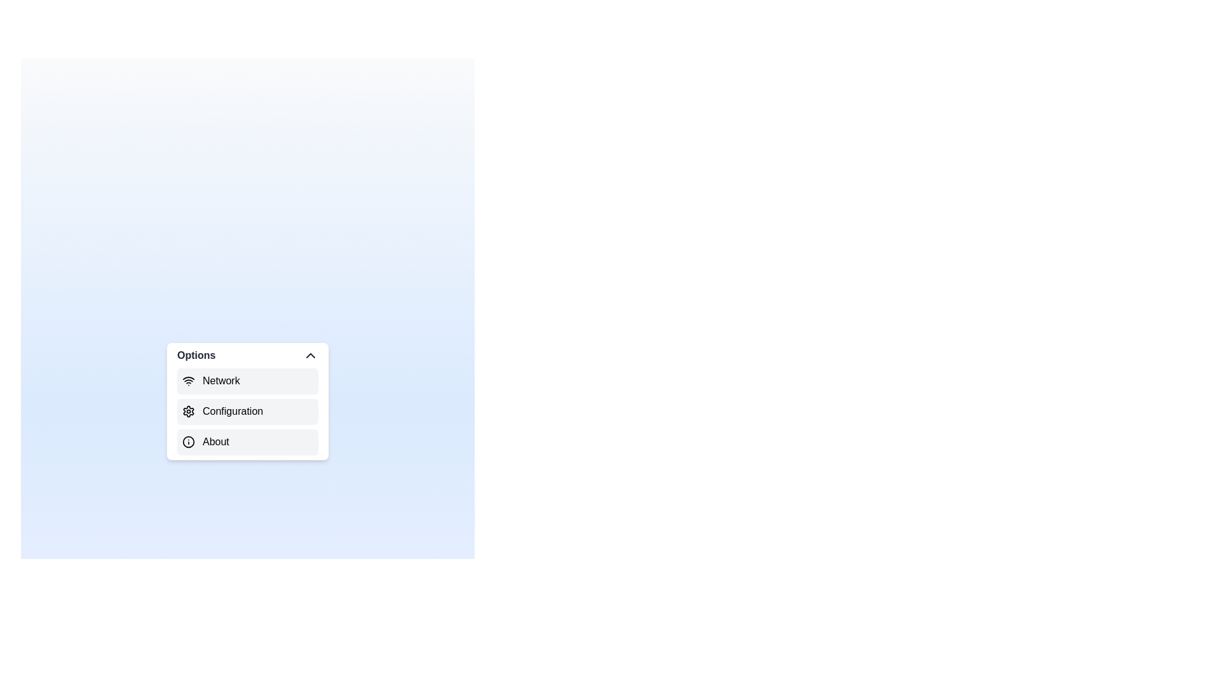 The image size is (1220, 686). I want to click on the menu item Configuration from the visible options, so click(247, 412).